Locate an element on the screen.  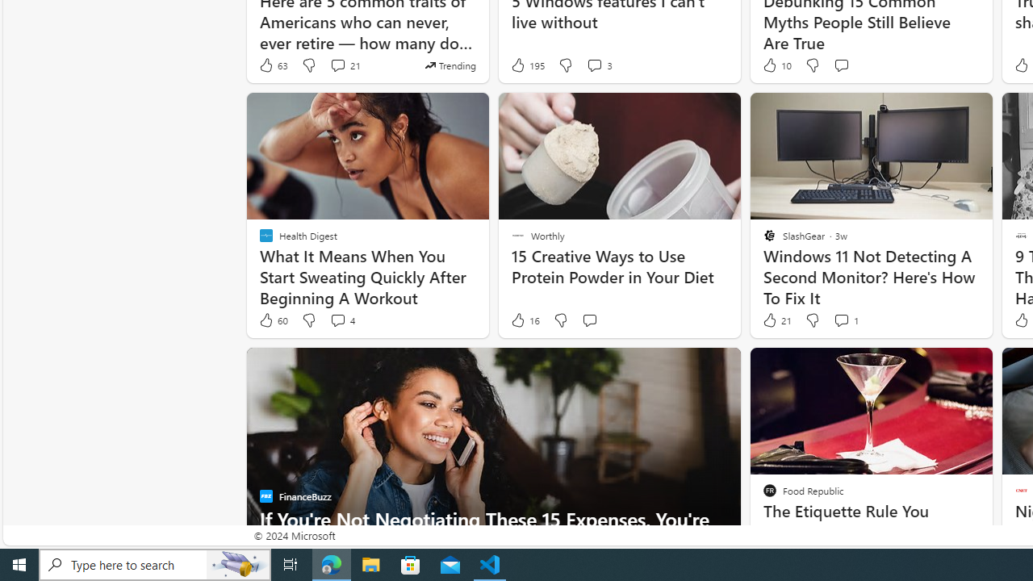
'60 Like' is located at coordinates (272, 320).